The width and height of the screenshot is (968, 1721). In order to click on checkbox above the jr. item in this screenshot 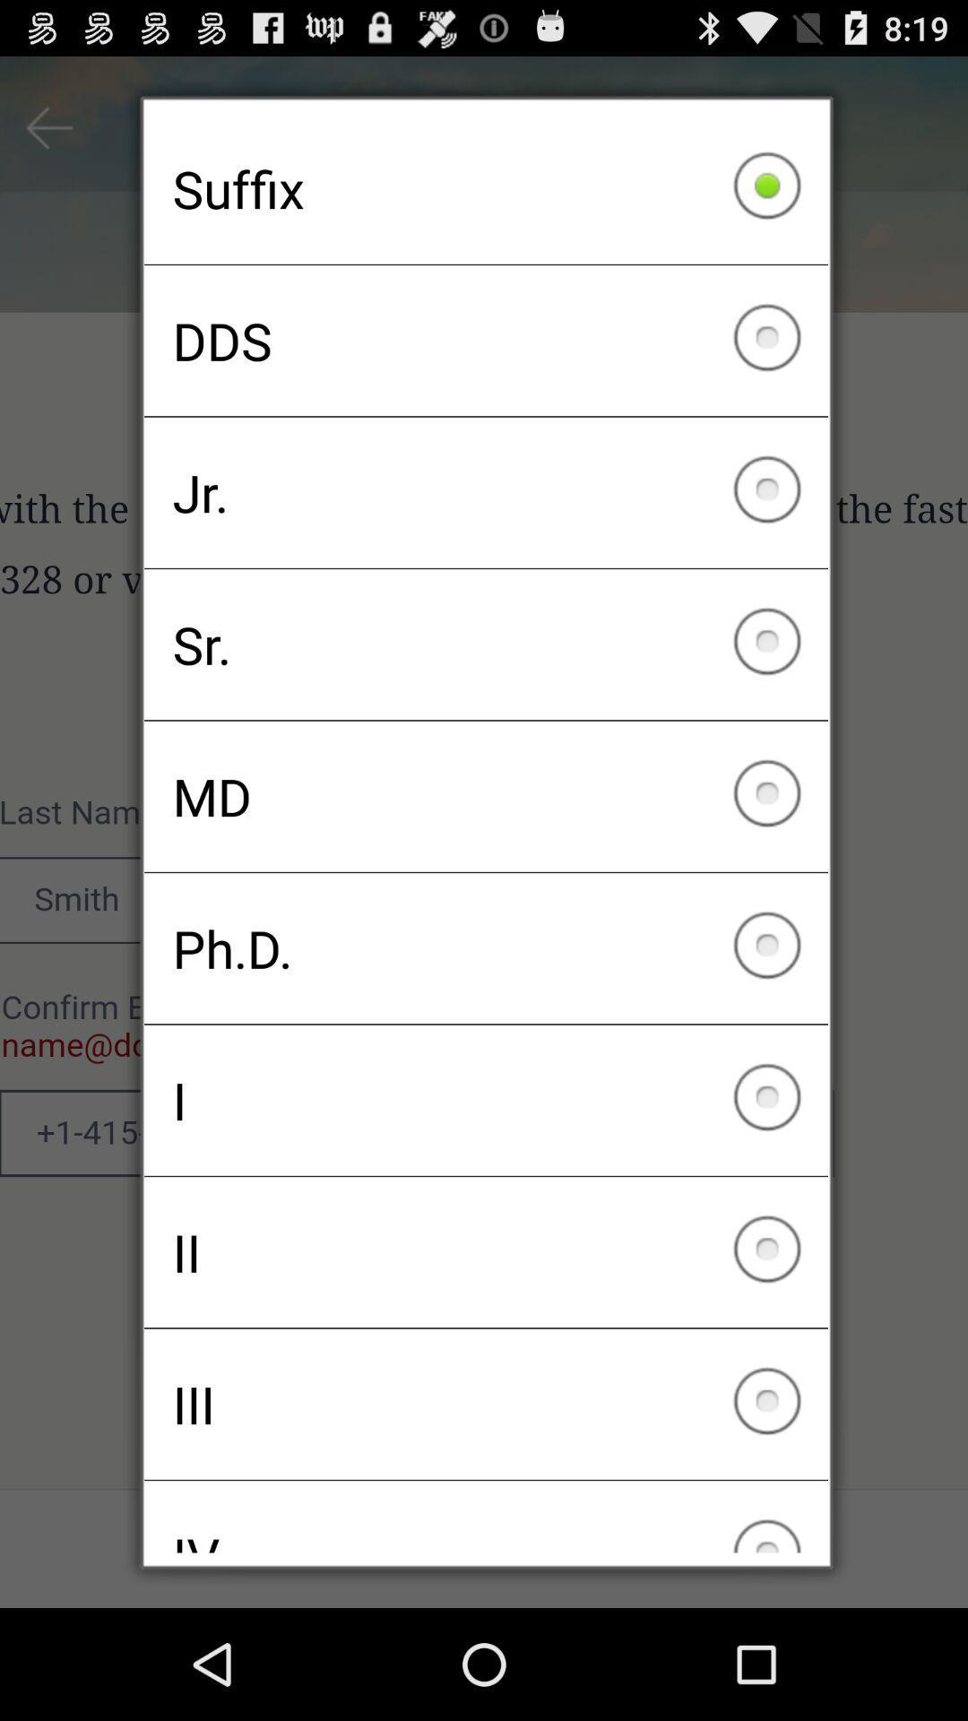, I will do `click(486, 341)`.